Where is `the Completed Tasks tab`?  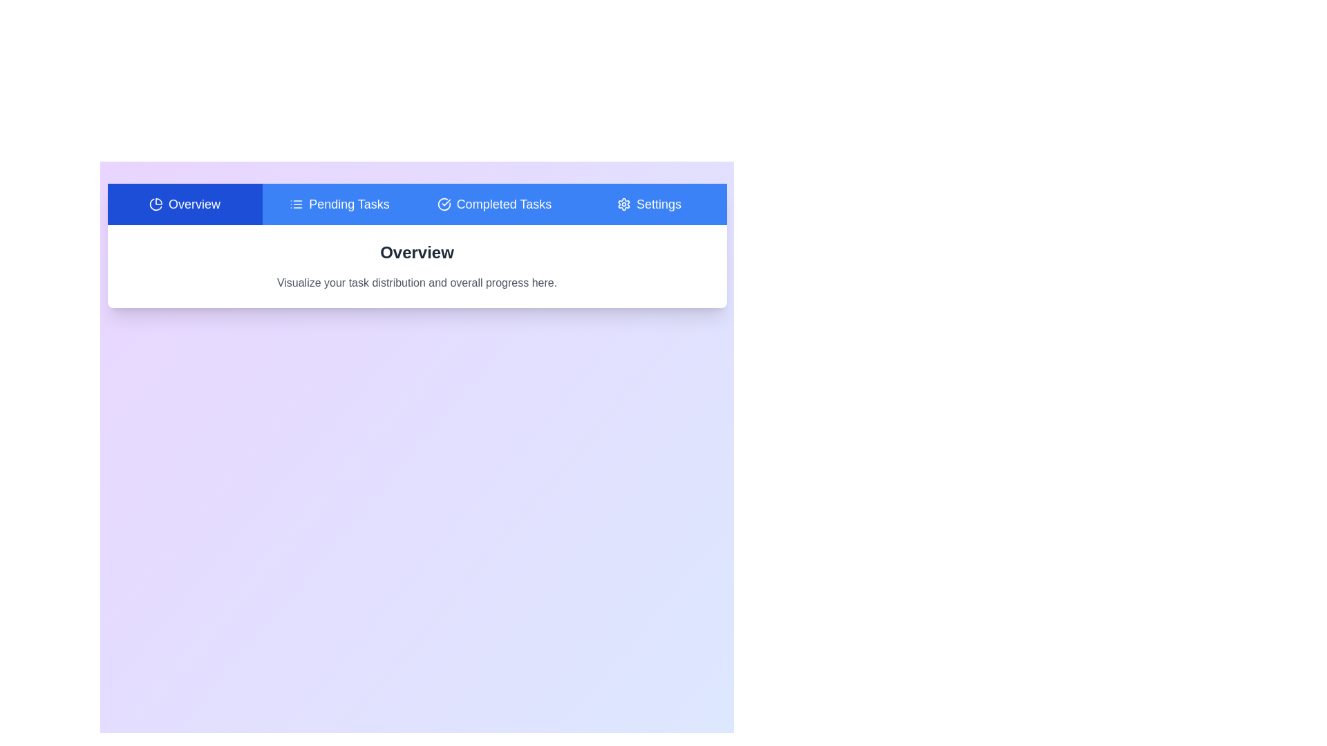 the Completed Tasks tab is located at coordinates (494, 204).